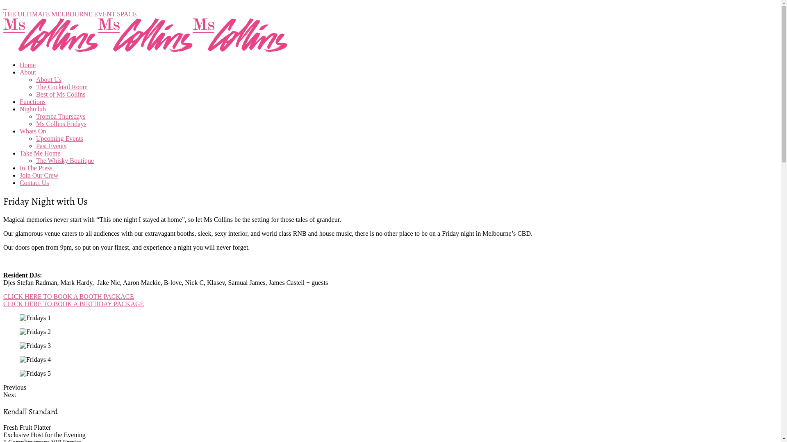 The height and width of the screenshot is (442, 787). What do you see at coordinates (60, 116) in the screenshot?
I see `'Tromba Thursdays'` at bounding box center [60, 116].